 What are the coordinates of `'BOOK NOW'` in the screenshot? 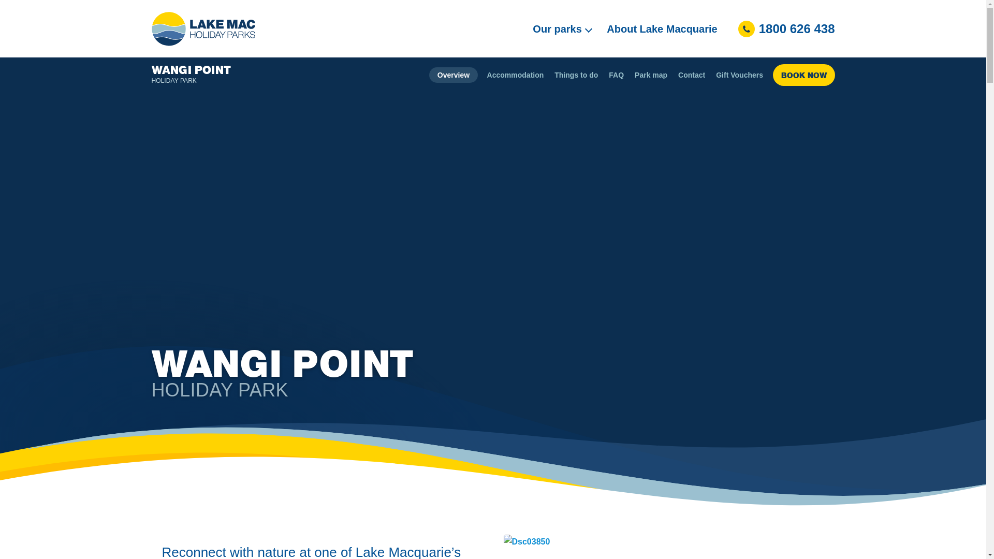 It's located at (802, 74).